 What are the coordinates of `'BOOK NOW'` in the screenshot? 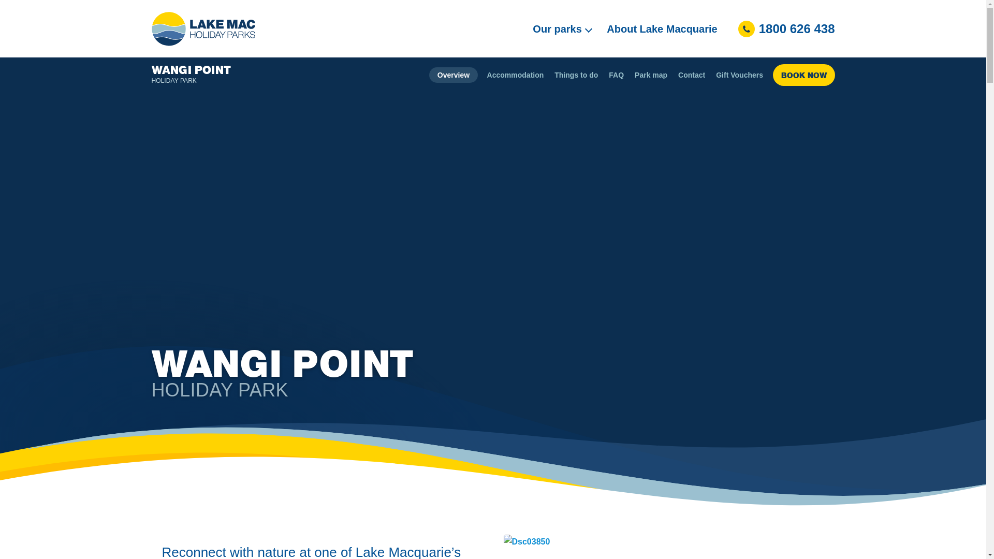 It's located at (802, 74).